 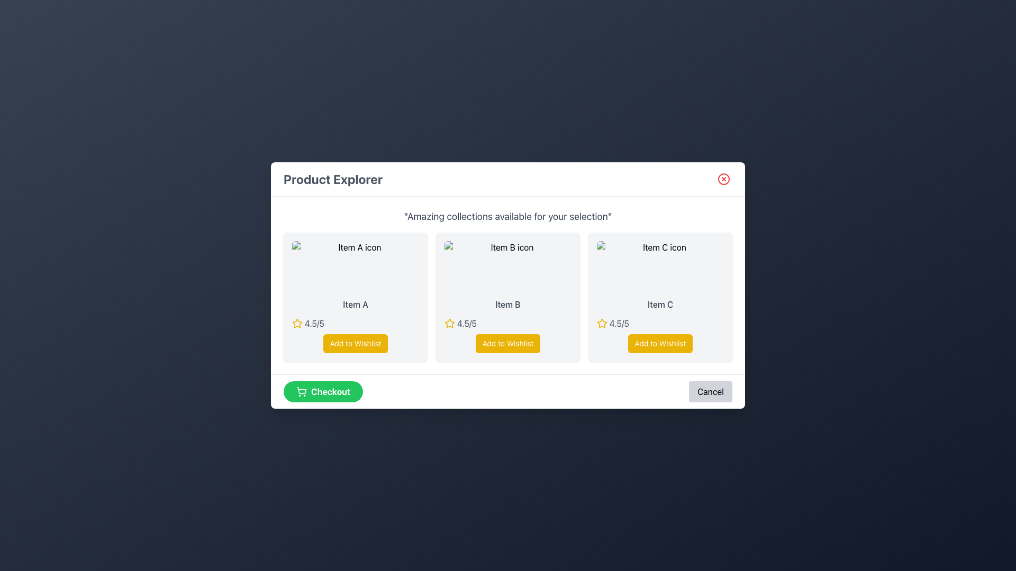 I want to click on the star icon with a yellow outline that indicates a rating system, located within the rating display near the '4.5/5' text, below the 'Item A' label in the product explorer grid, so click(x=296, y=323).